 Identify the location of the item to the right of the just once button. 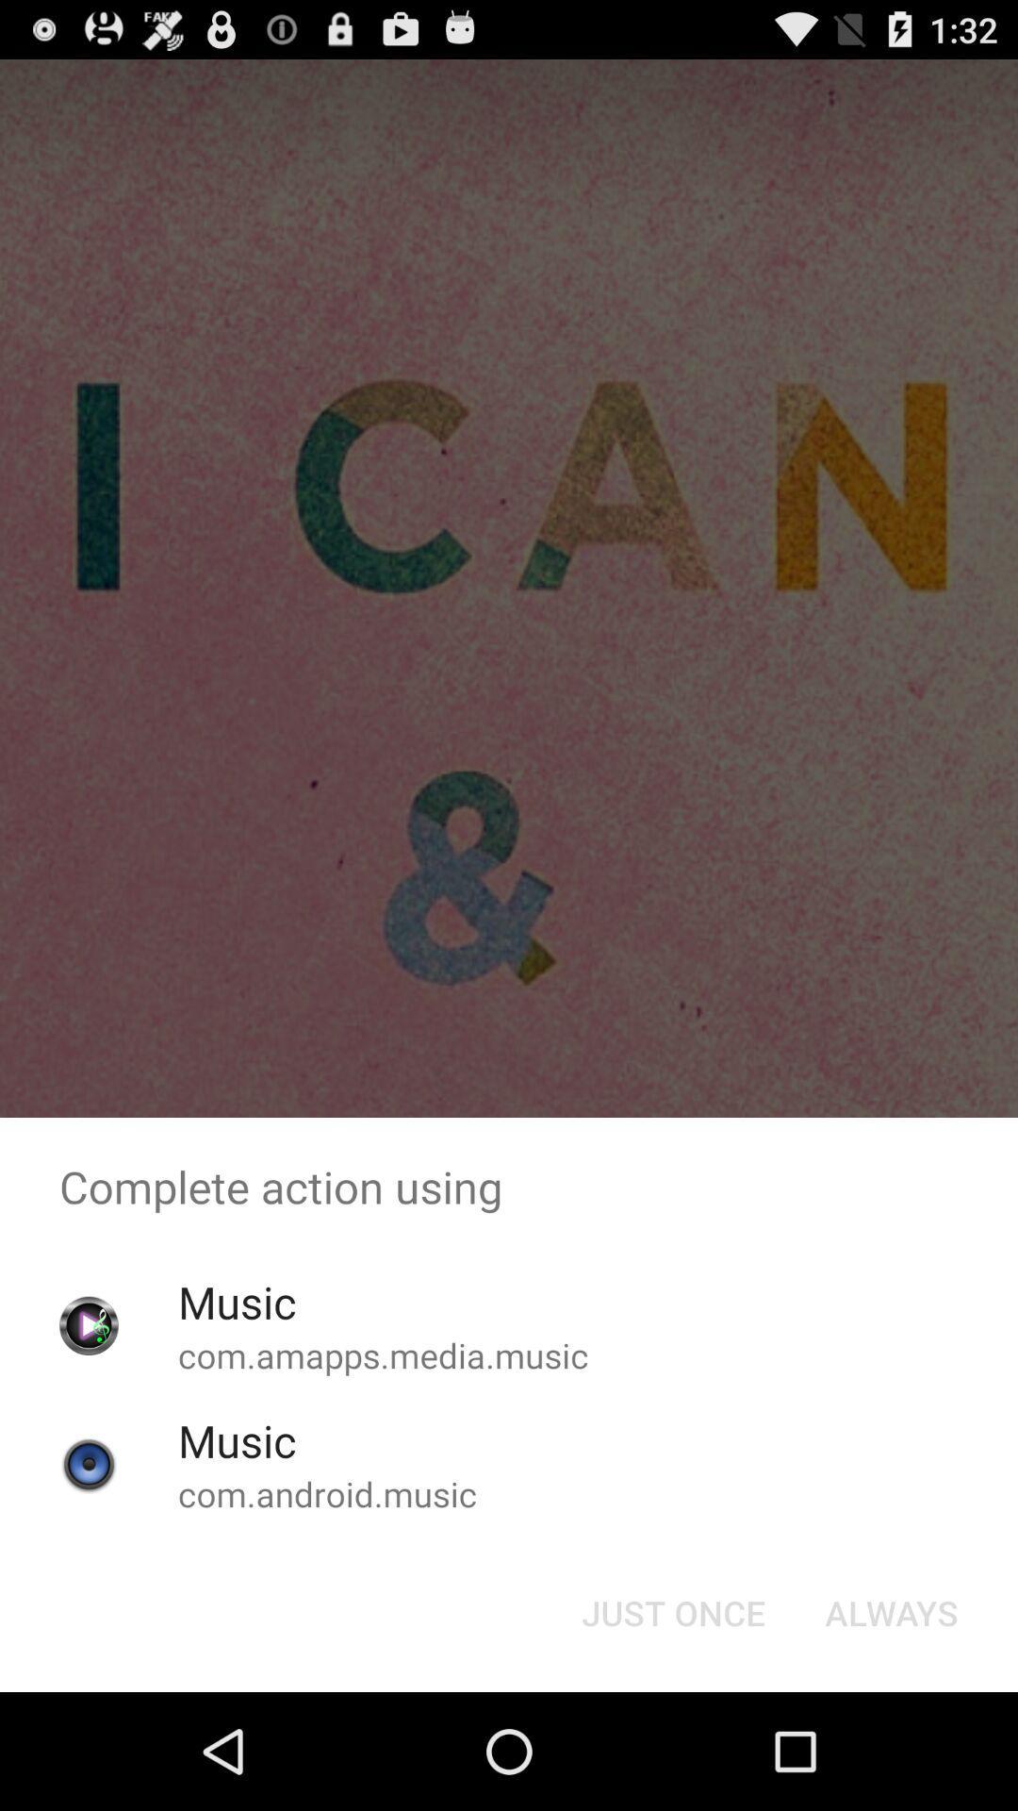
(891, 1611).